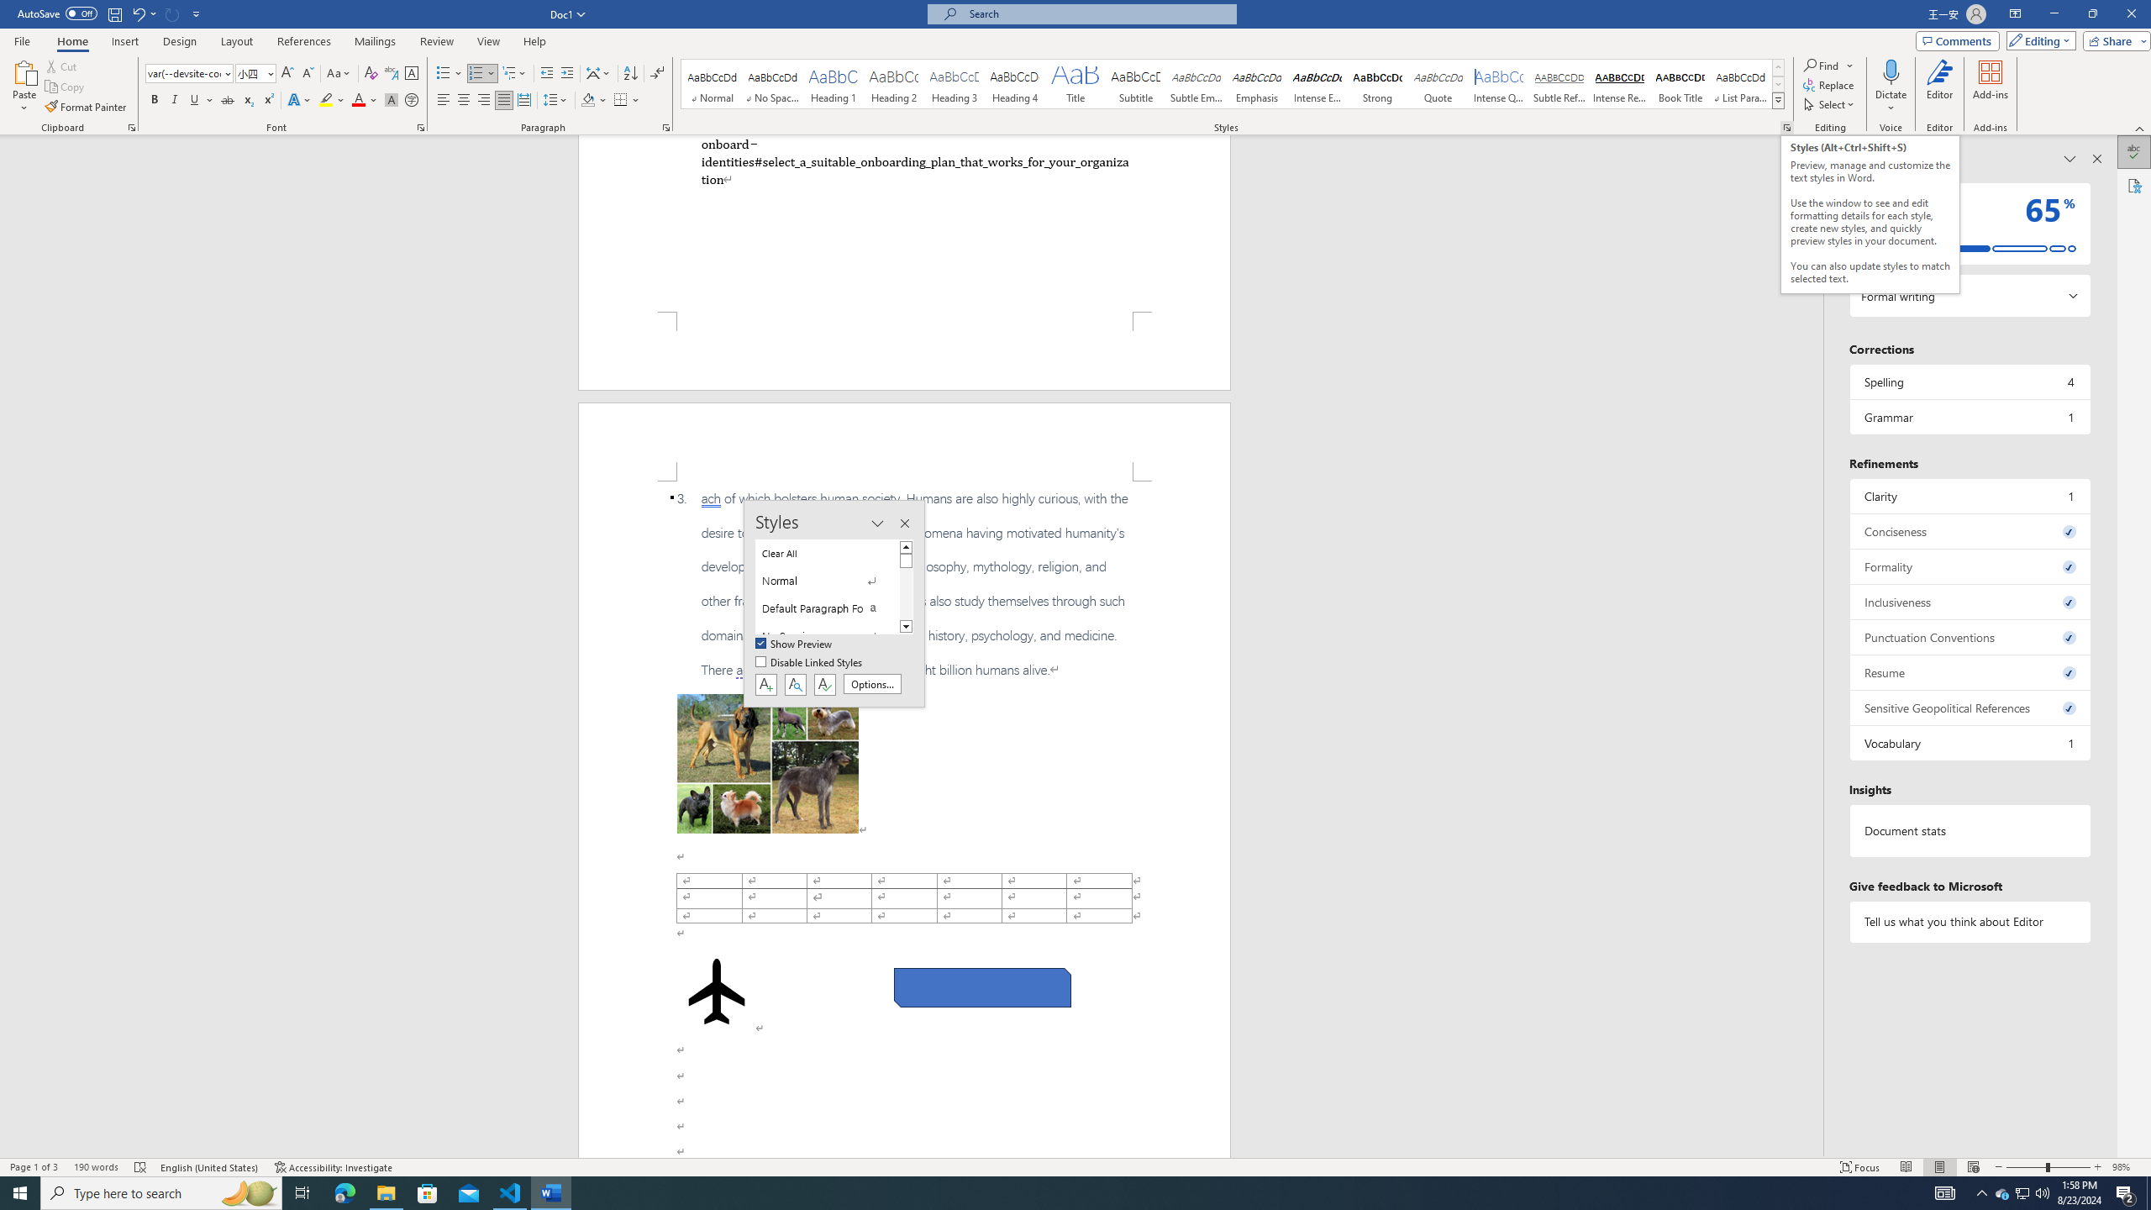  What do you see at coordinates (1891, 71) in the screenshot?
I see `'Dictate'` at bounding box center [1891, 71].